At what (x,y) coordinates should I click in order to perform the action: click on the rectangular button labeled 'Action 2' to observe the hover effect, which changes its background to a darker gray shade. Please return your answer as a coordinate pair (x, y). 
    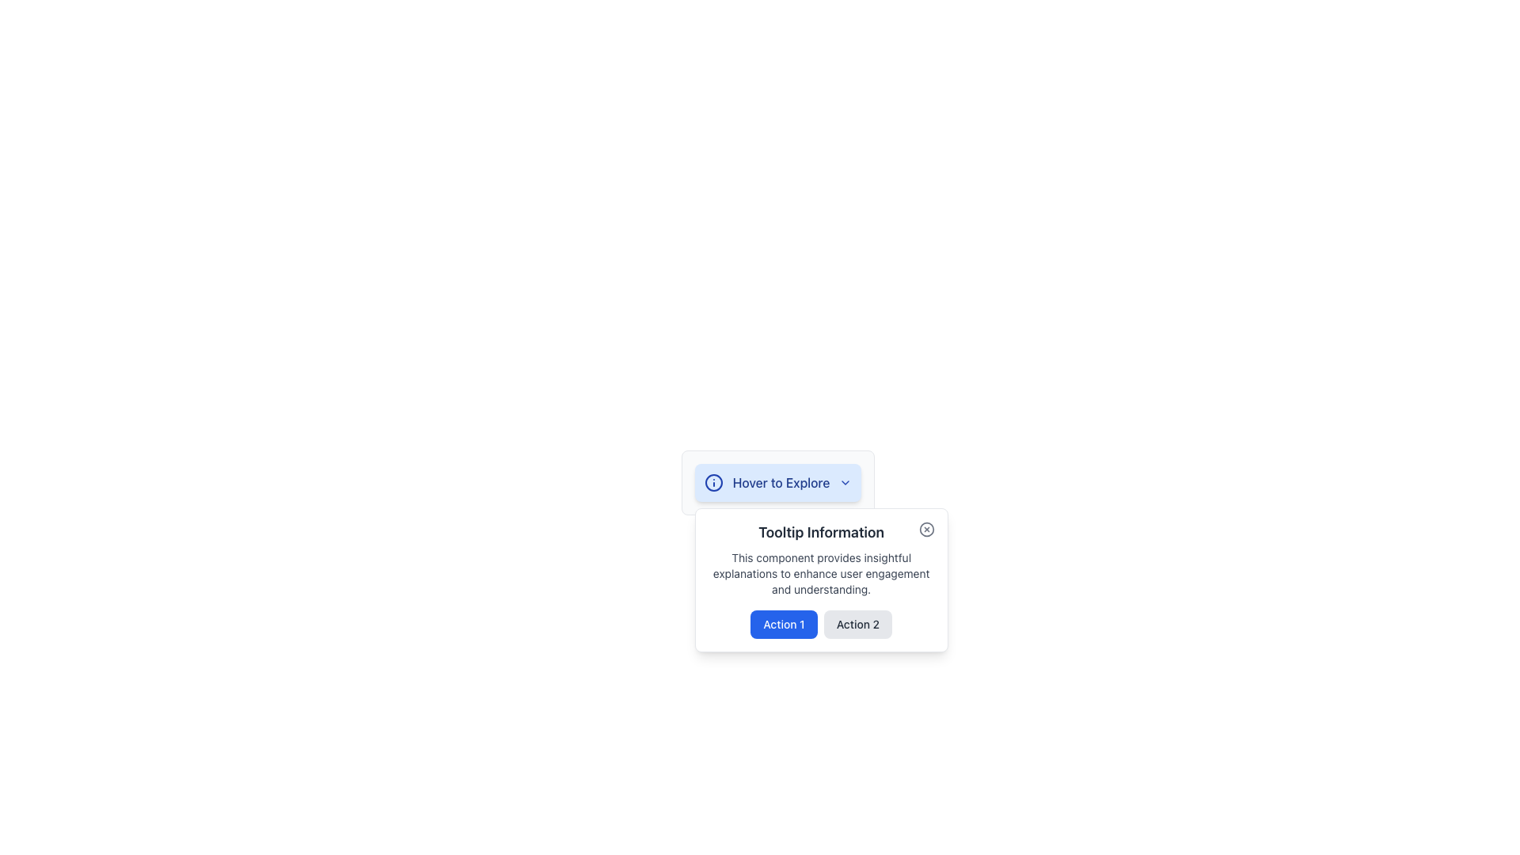
    Looking at the image, I should click on (857, 624).